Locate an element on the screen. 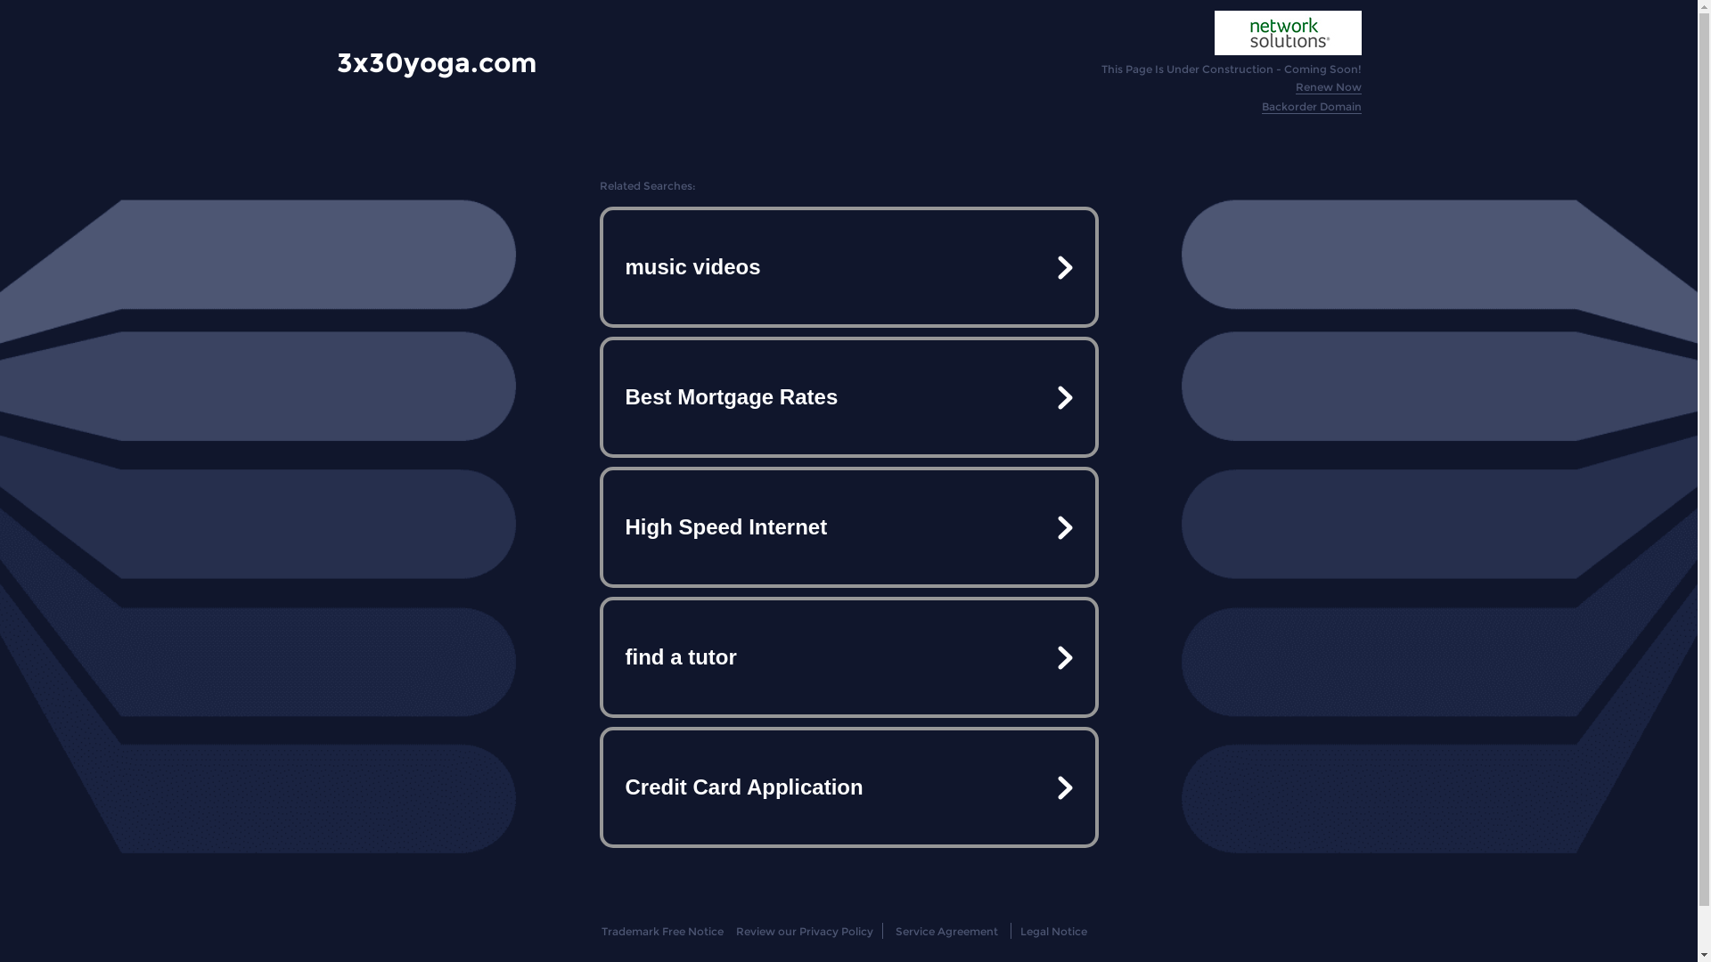 The height and width of the screenshot is (962, 1711). 'Backorder Domain' is located at coordinates (1312, 106).